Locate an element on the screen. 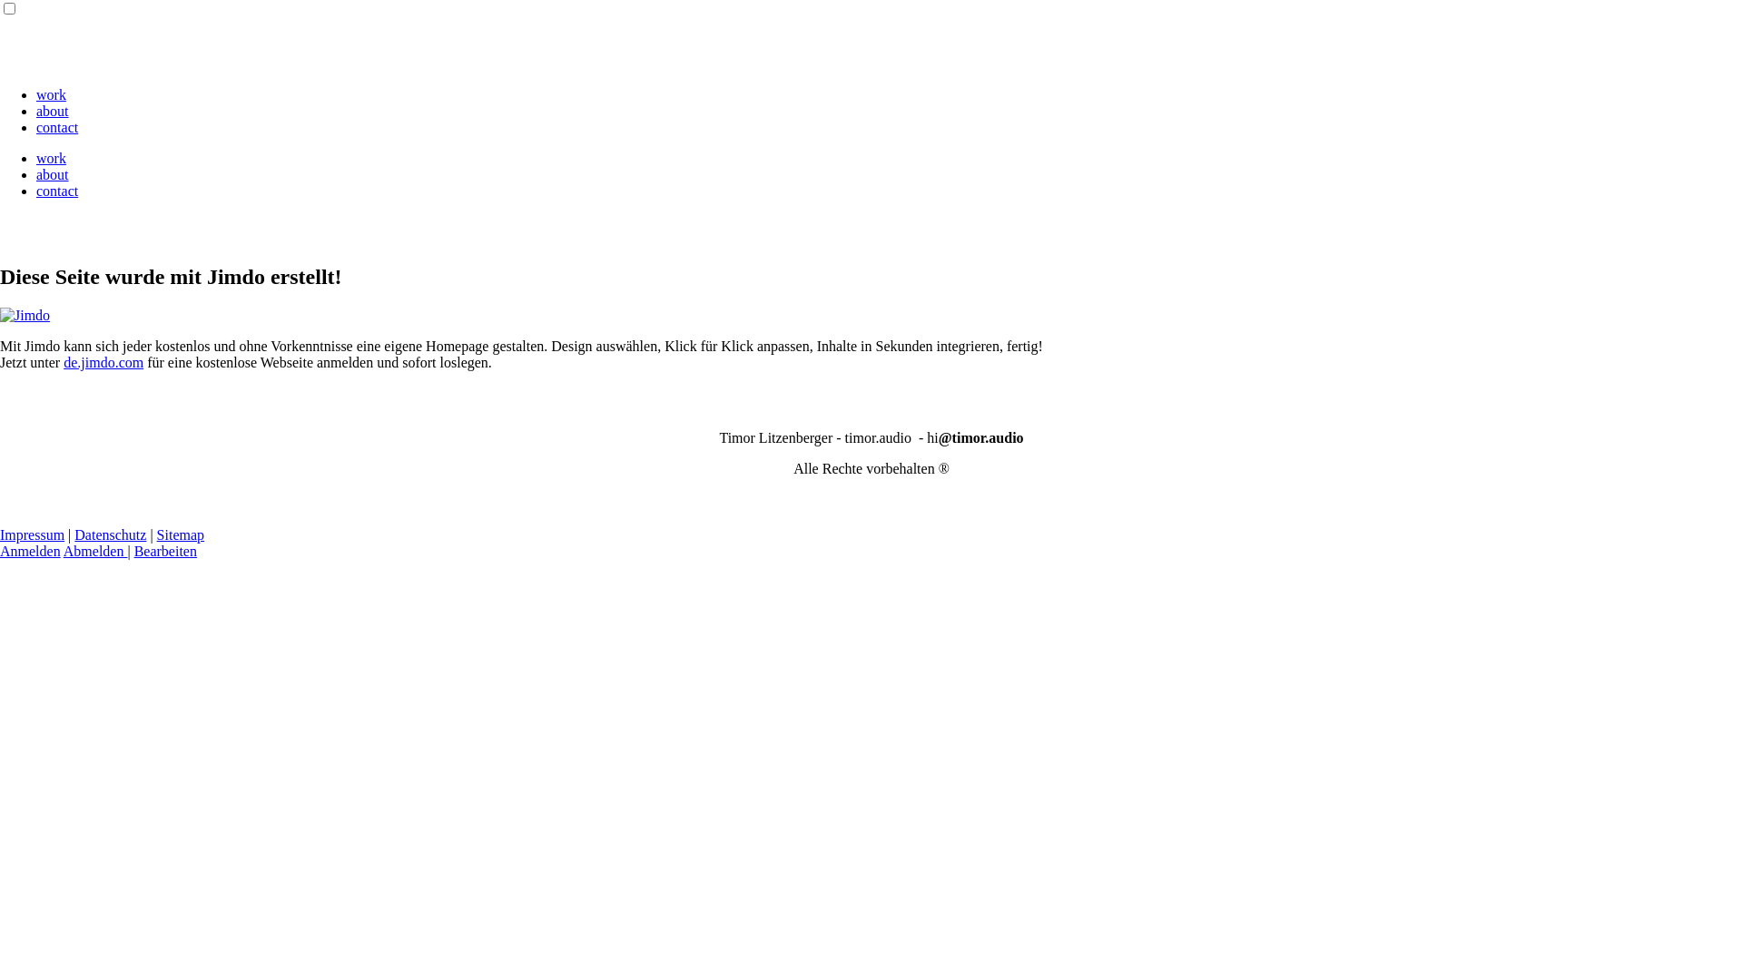 Image resolution: width=1743 pixels, height=980 pixels. 'contact' is located at coordinates (35, 191).